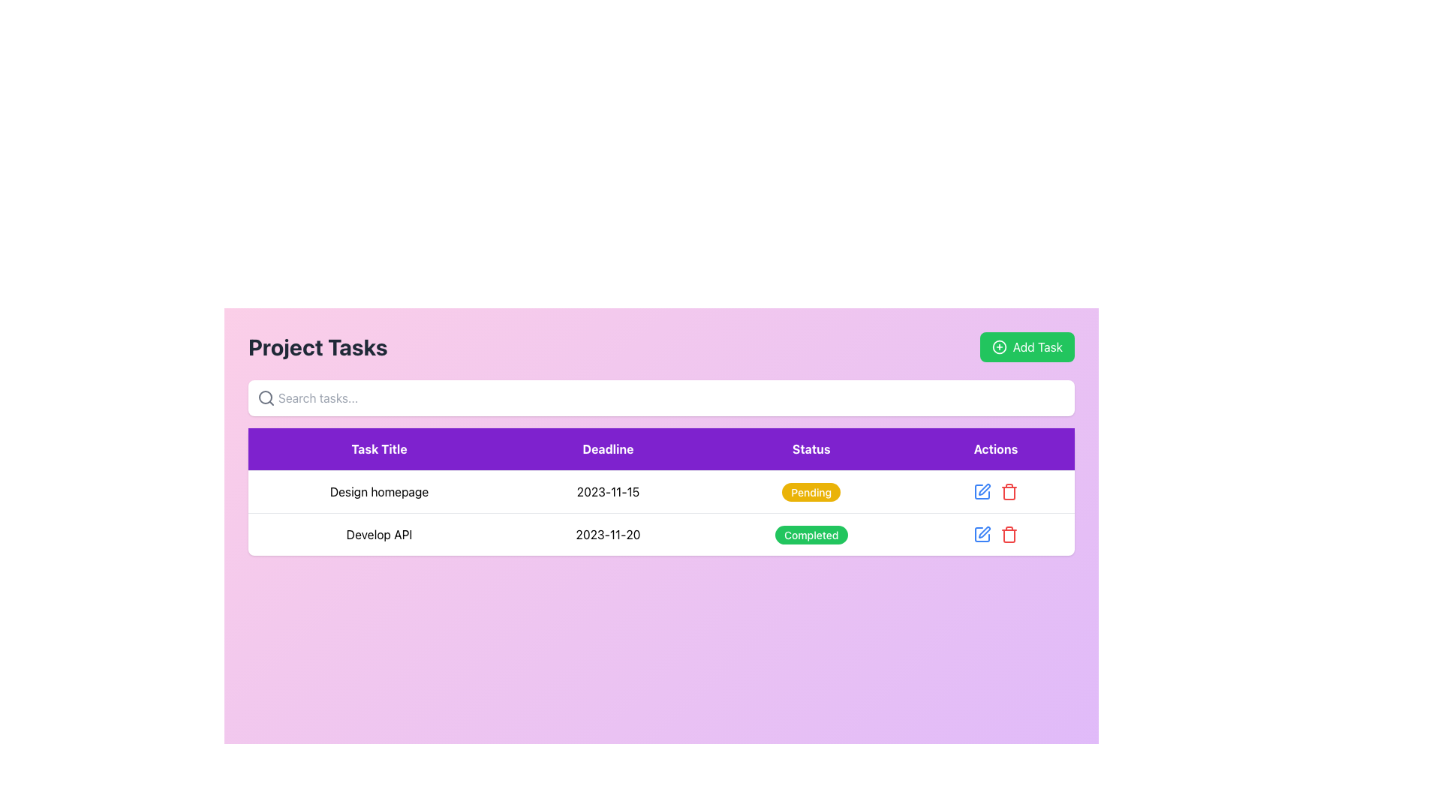 The width and height of the screenshot is (1441, 810). I want to click on the completion status badge for the task 'Develop API' located in the second row of the tasks table, specifically in the third column labeled 'Status', adjacent to the 'Deadline' column on the left and 'Actions' column on the right, so click(811, 533).